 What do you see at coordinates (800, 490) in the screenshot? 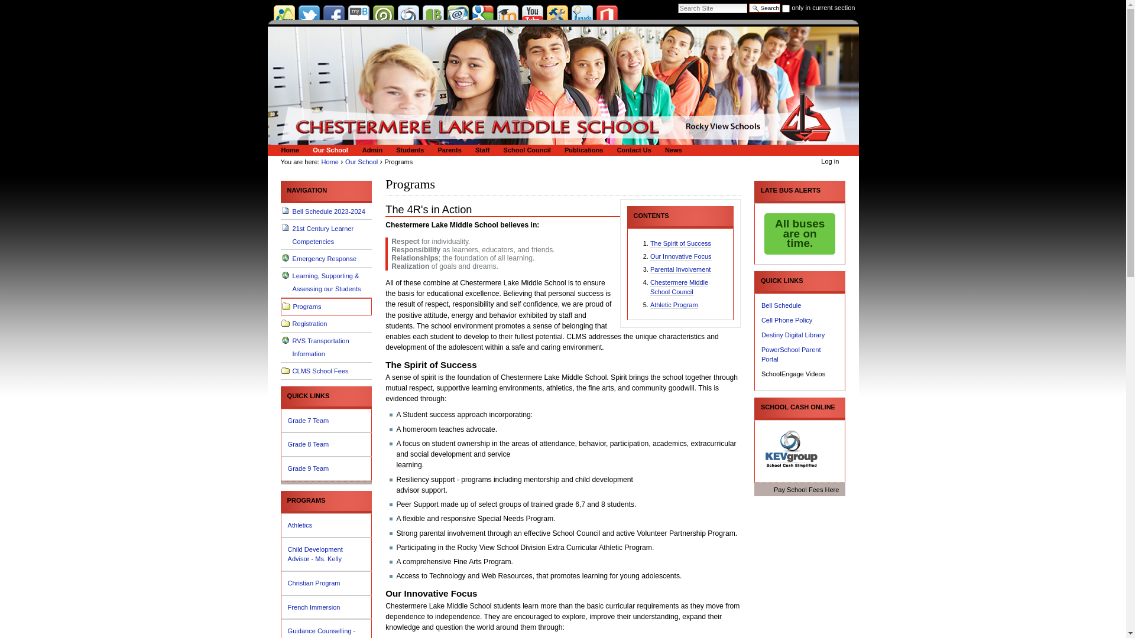
I see `'Pay School Fees Here'` at bounding box center [800, 490].